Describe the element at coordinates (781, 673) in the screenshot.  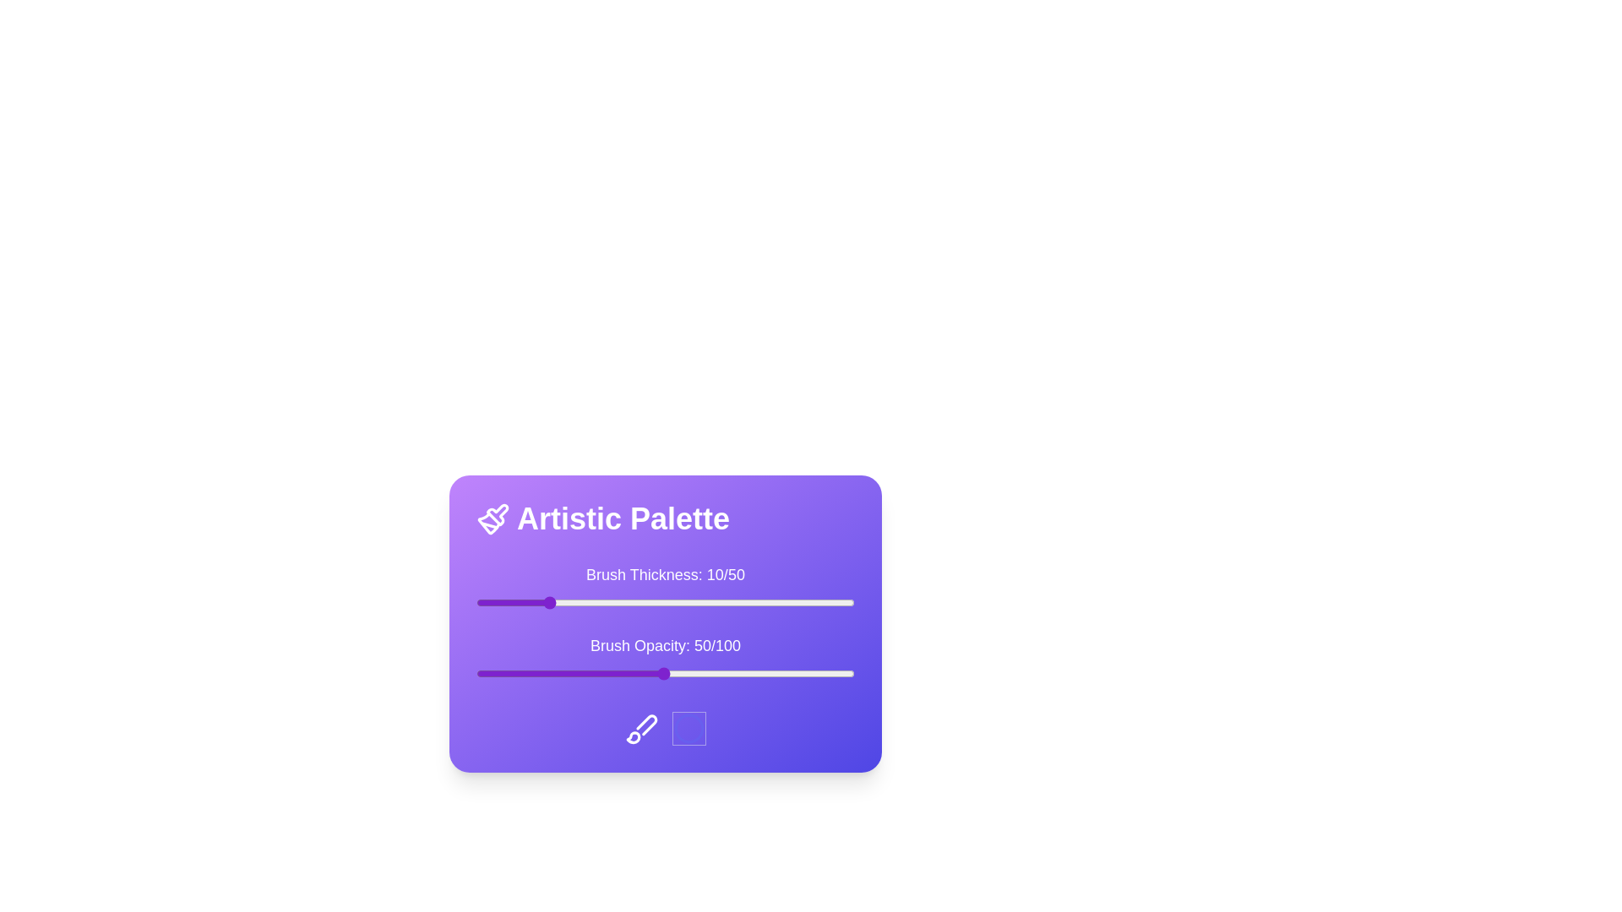
I see `the 'Brush Opacity' slider to set the opacity to 81%` at that location.